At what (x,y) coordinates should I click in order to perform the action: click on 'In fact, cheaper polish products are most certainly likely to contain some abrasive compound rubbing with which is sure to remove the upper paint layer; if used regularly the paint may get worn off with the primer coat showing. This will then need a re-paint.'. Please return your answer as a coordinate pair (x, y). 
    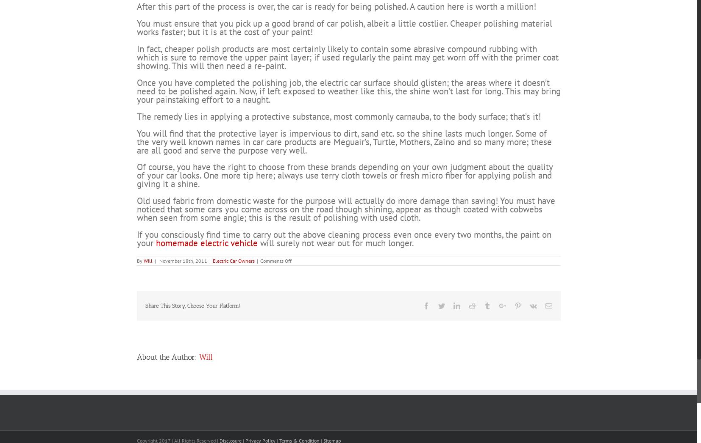
    Looking at the image, I should click on (347, 88).